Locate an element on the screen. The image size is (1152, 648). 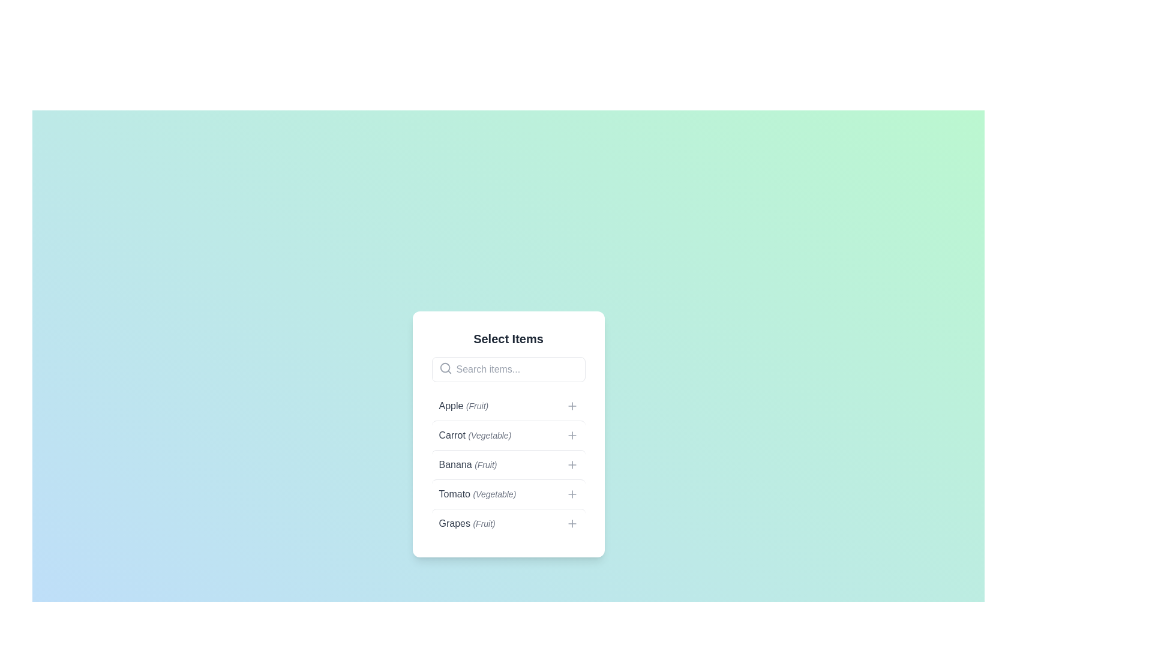
the text label element displaying 'Banana (Fruit)', which is styled with a medium font weight and grayish color, positioned in a vertical list between 'Carrot (Vegetable)' and 'Tomato (Vegetable) is located at coordinates (467, 464).